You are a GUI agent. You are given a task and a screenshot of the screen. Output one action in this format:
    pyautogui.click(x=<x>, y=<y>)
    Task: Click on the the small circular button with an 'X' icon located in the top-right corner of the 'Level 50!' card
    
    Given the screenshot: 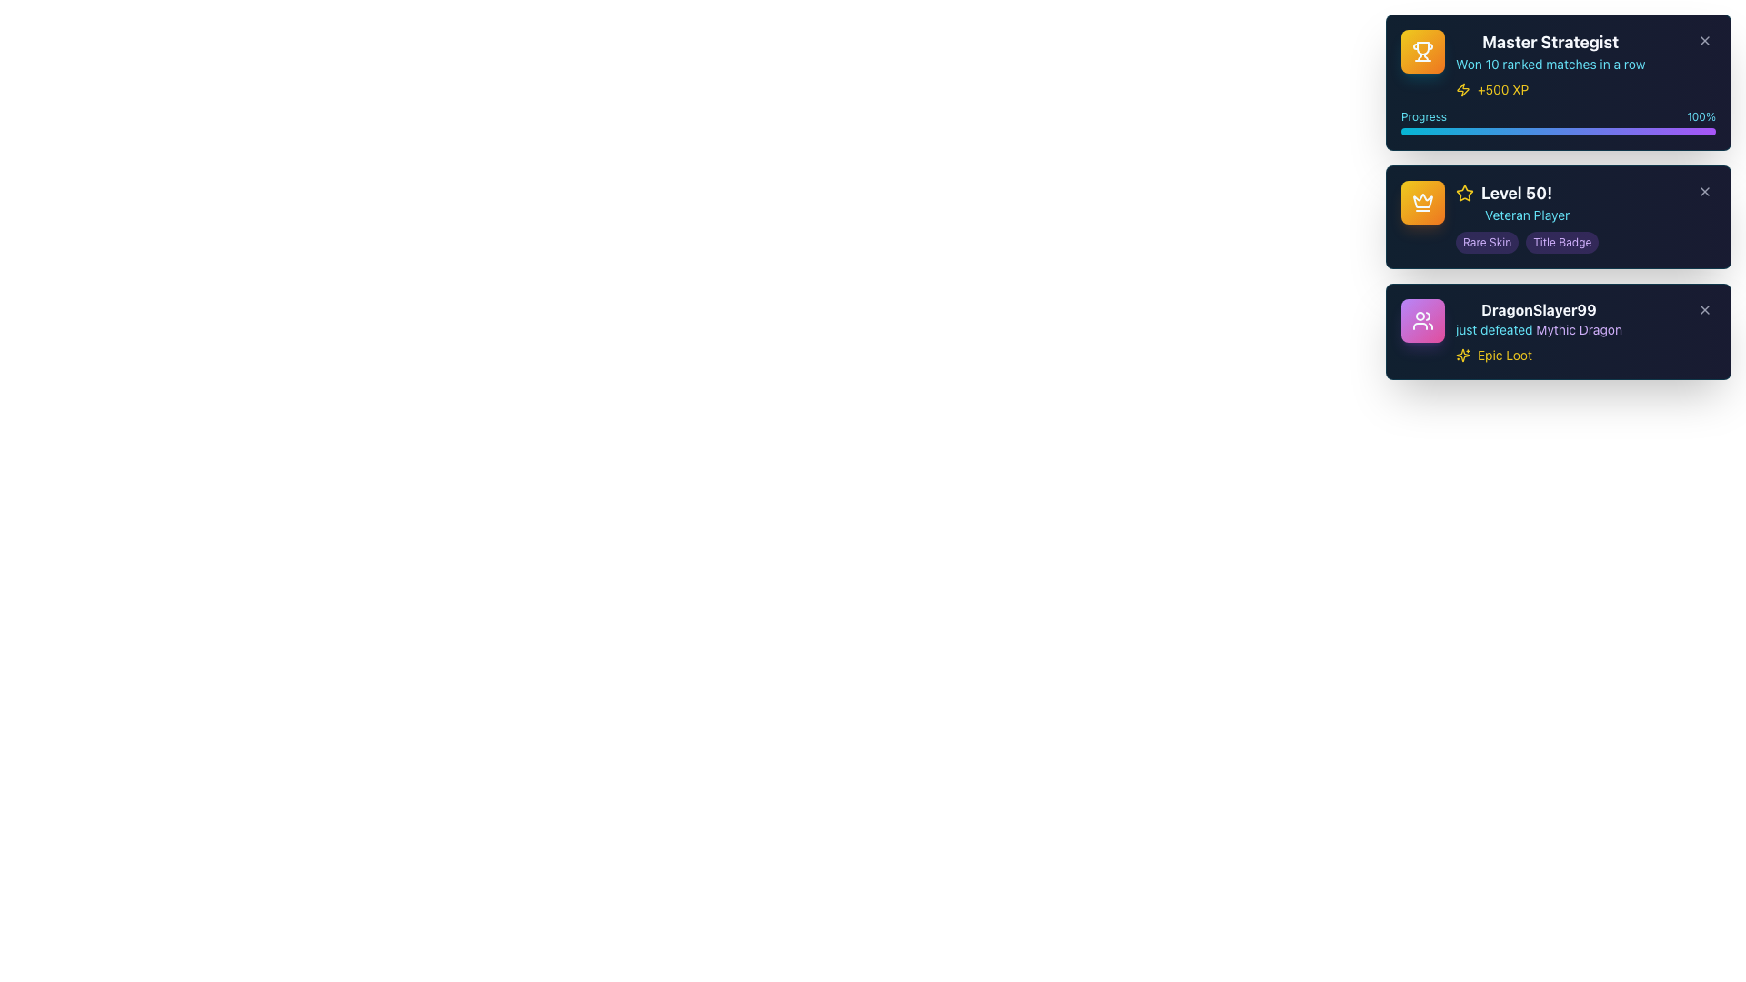 What is the action you would take?
    pyautogui.click(x=1704, y=192)
    